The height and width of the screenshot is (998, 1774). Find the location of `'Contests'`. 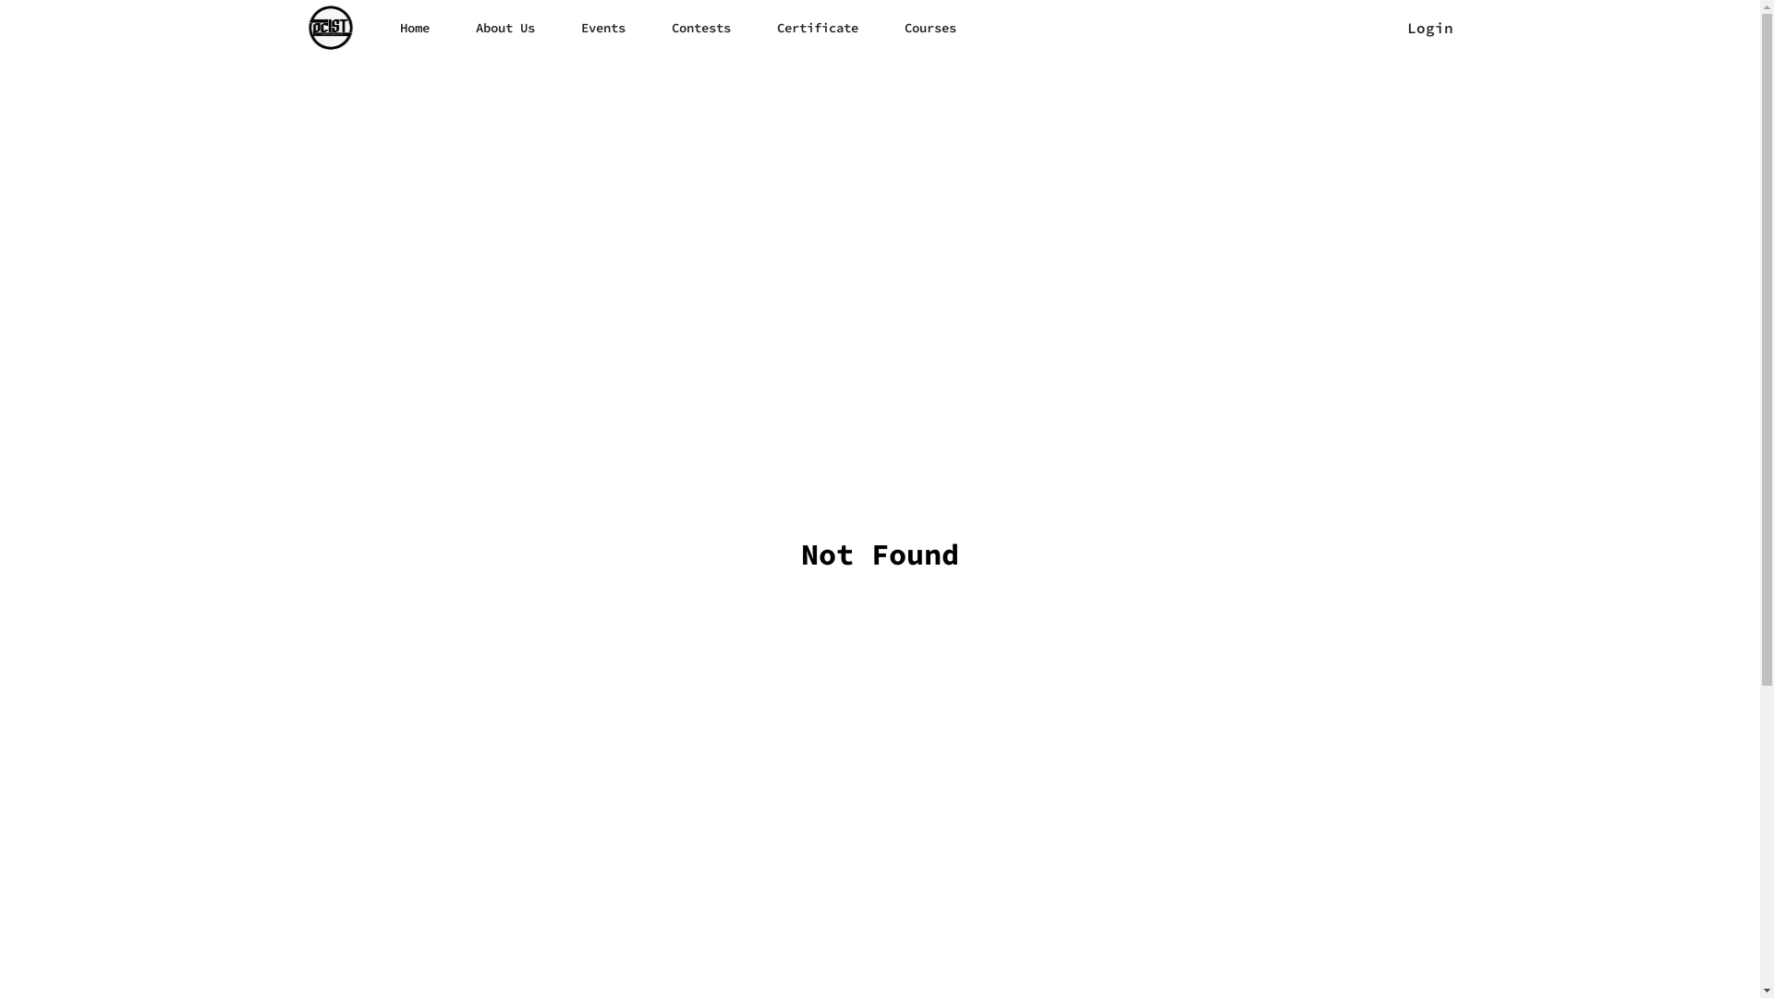

'Contests' is located at coordinates (699, 28).